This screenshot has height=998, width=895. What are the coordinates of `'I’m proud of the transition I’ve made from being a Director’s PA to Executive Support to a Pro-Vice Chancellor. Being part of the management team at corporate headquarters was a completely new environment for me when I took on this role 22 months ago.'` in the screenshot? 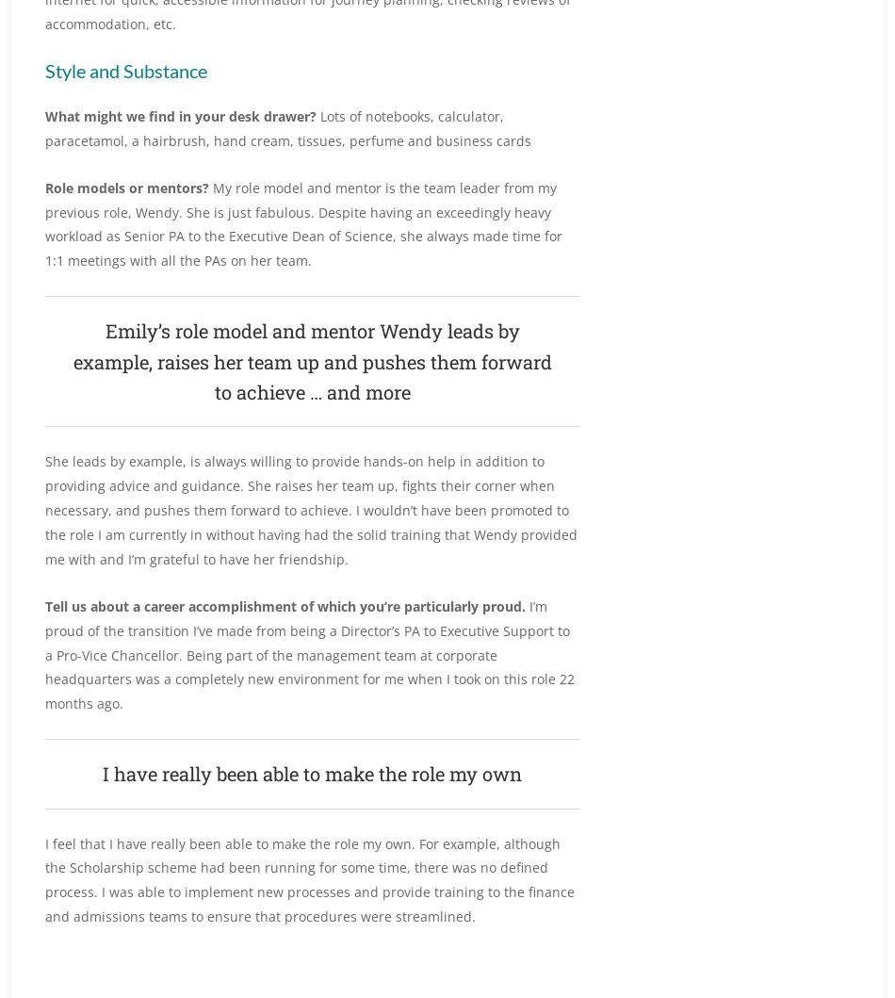 It's located at (308, 654).